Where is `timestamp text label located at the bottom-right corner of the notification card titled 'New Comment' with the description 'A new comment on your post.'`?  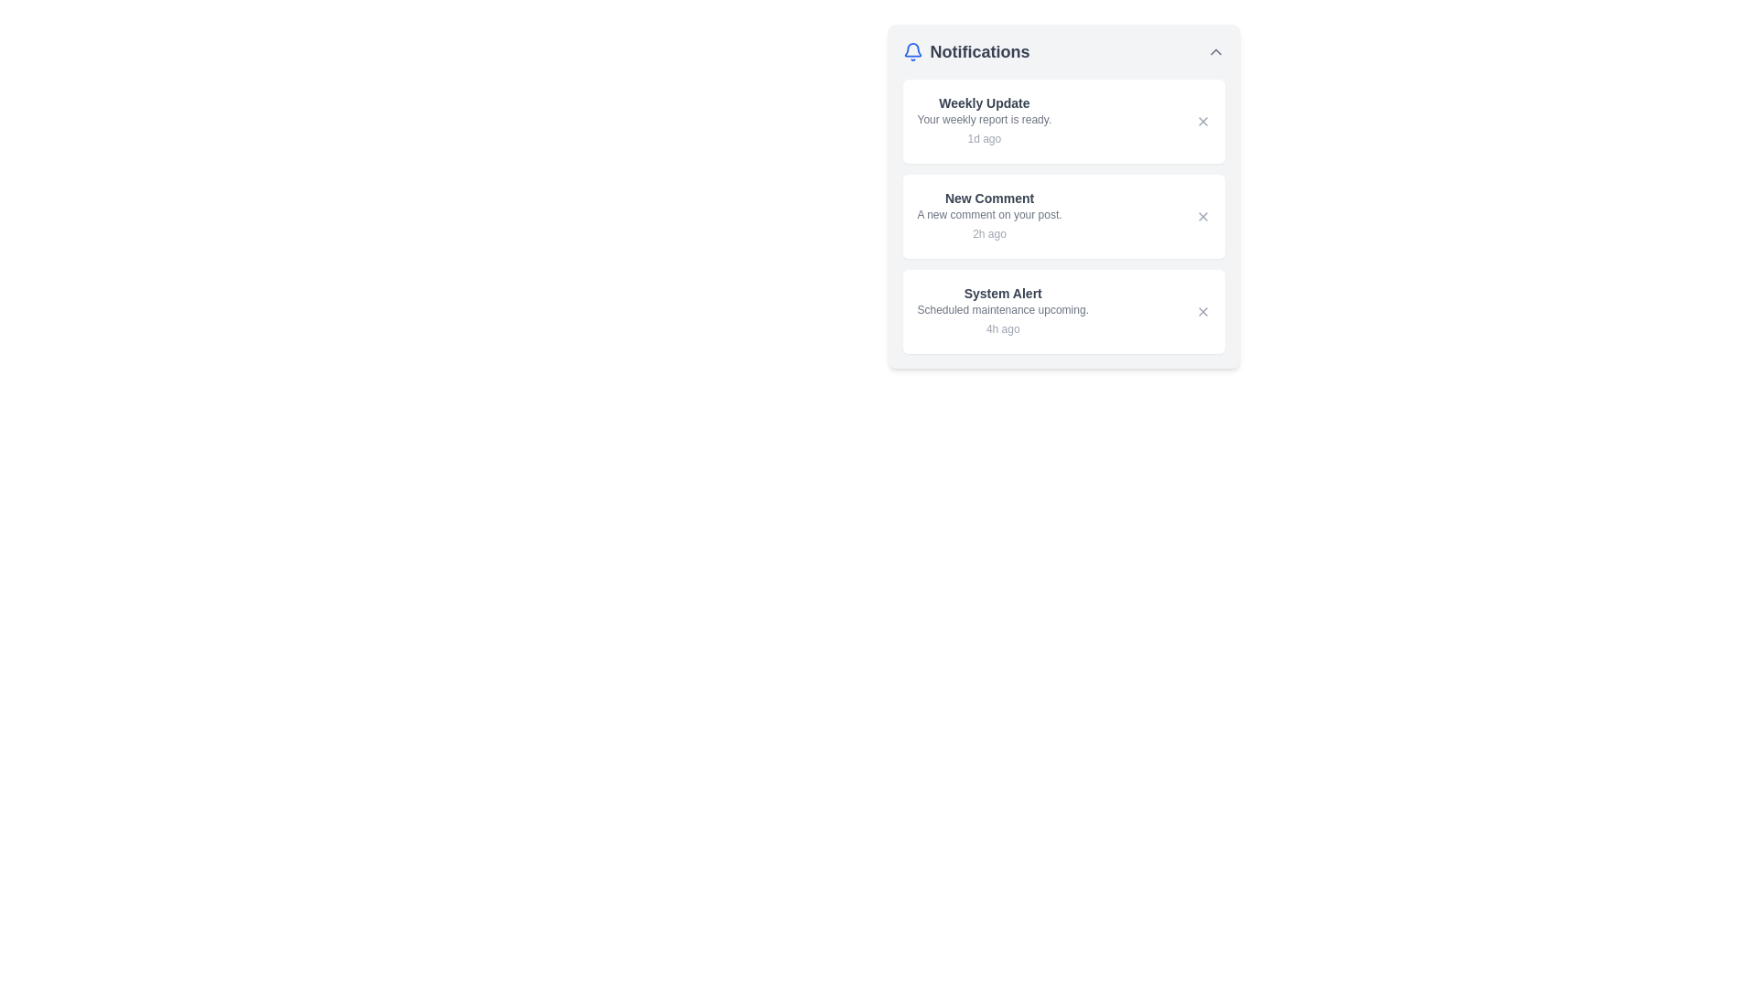
timestamp text label located at the bottom-right corner of the notification card titled 'New Comment' with the description 'A new comment on your post.' is located at coordinates (988, 232).